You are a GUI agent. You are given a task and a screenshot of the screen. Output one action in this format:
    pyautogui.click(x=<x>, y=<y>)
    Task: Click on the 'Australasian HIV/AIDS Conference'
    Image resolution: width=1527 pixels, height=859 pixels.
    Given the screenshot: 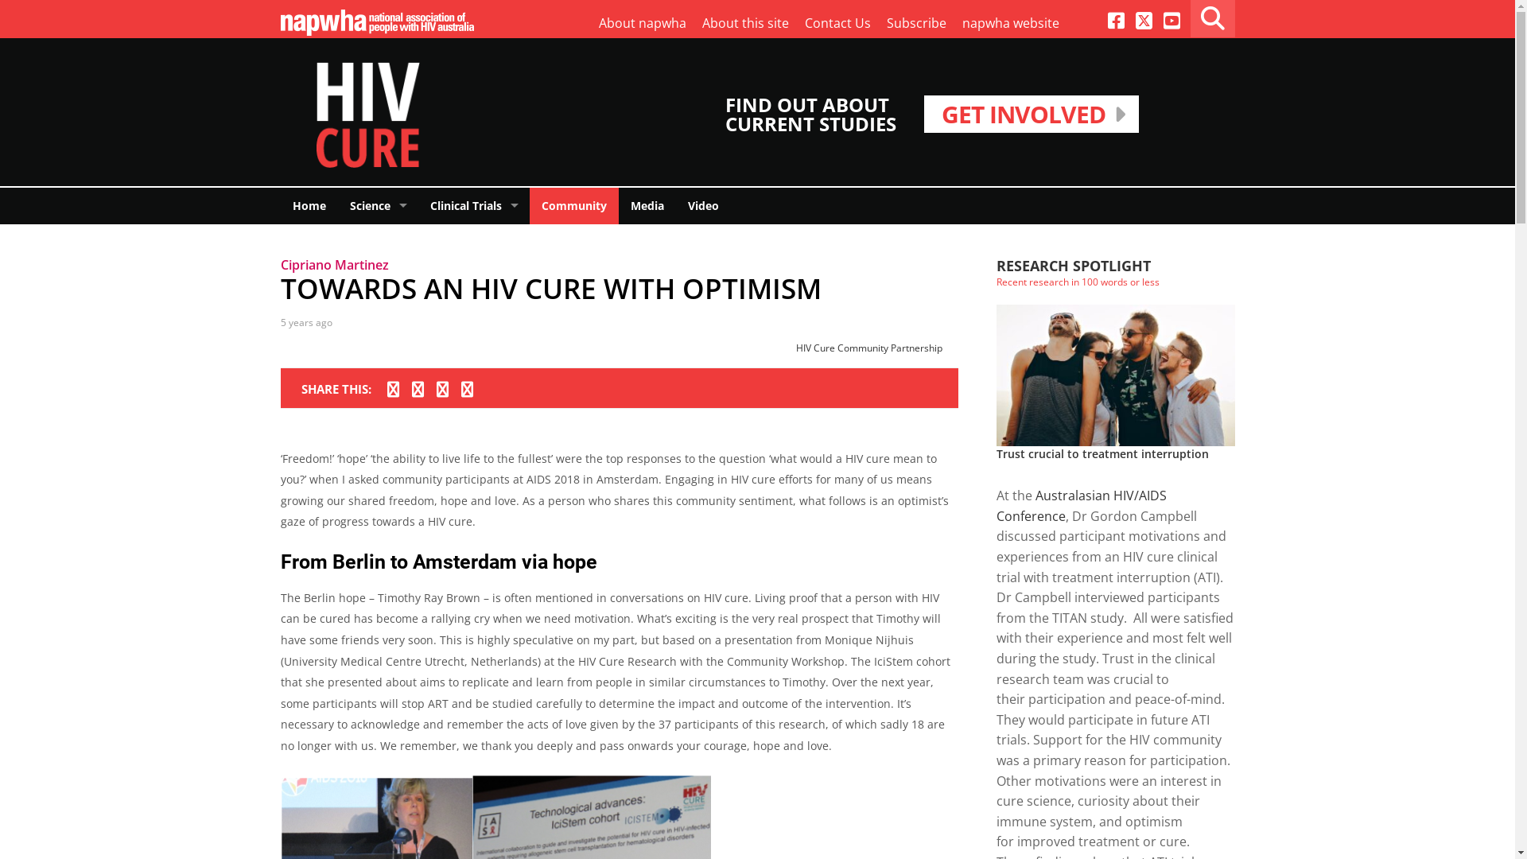 What is the action you would take?
    pyautogui.click(x=1080, y=506)
    